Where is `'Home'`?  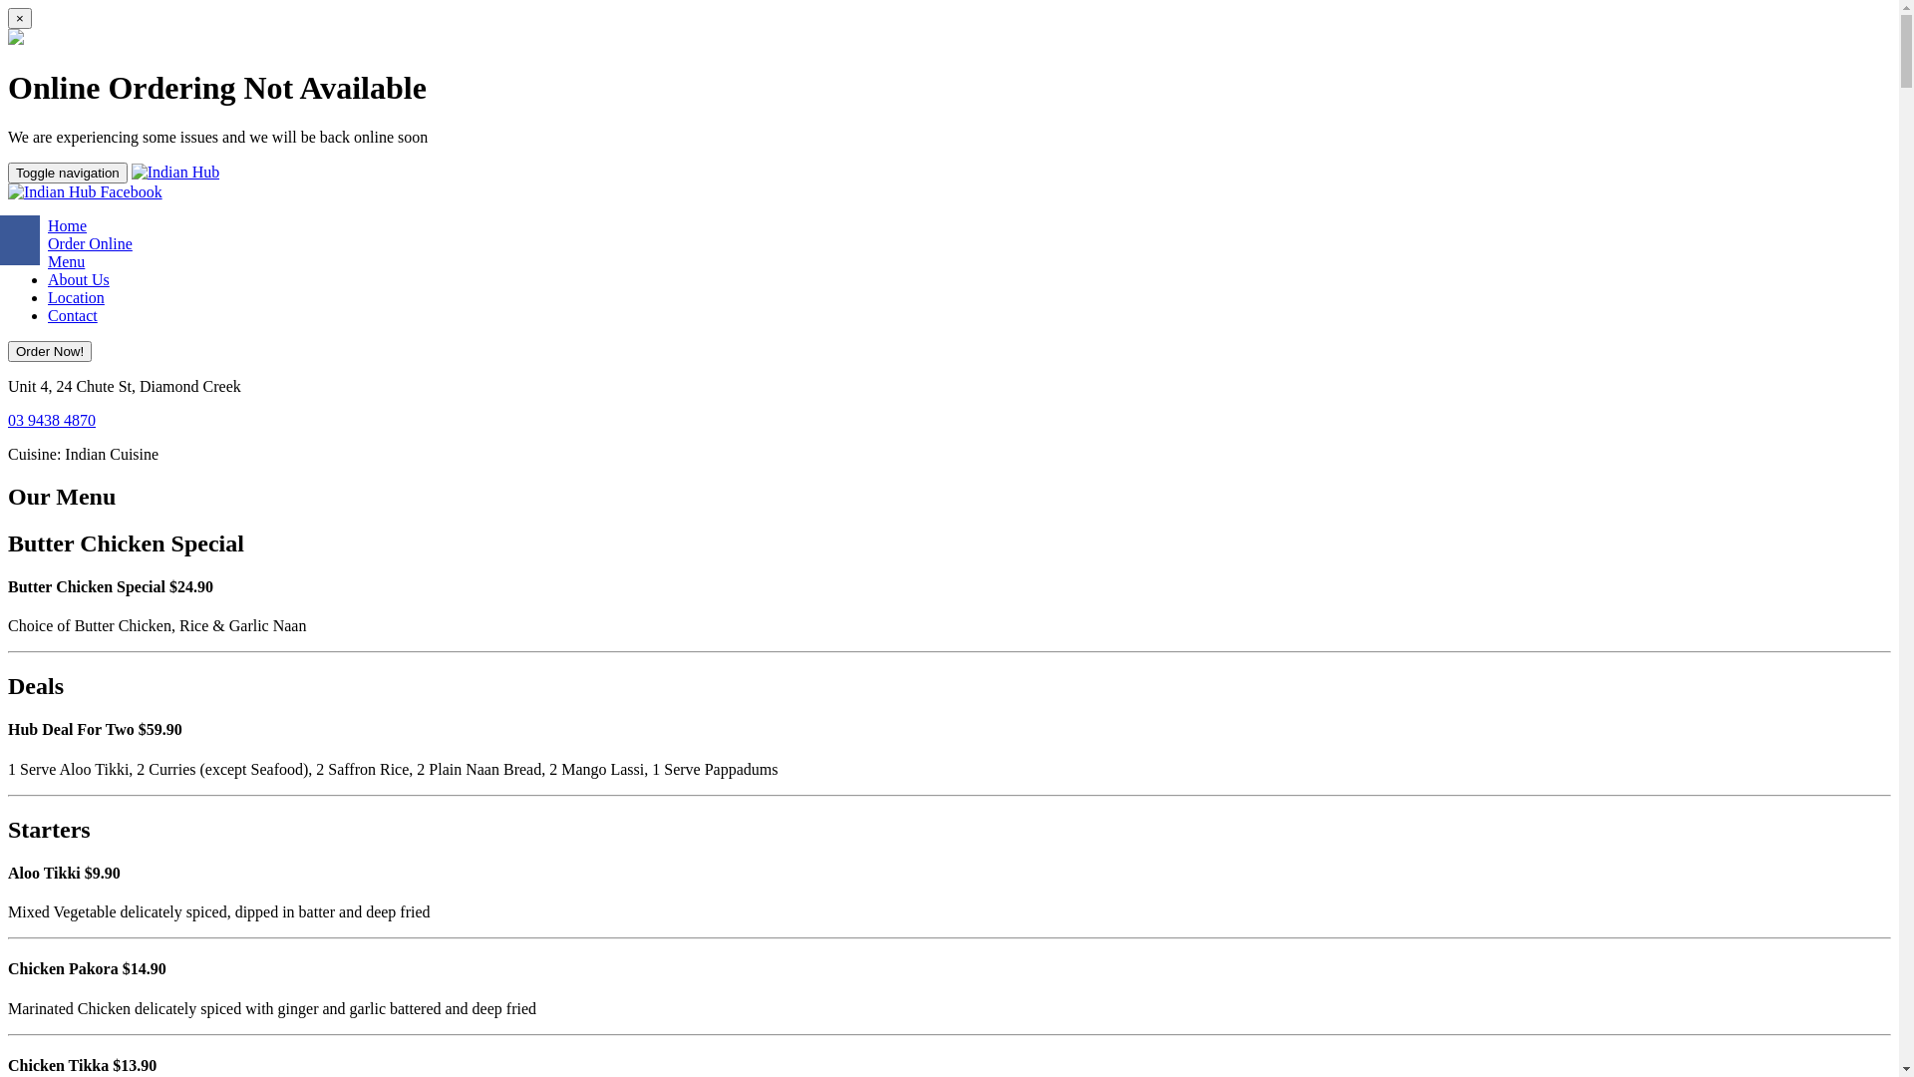 'Home' is located at coordinates (67, 224).